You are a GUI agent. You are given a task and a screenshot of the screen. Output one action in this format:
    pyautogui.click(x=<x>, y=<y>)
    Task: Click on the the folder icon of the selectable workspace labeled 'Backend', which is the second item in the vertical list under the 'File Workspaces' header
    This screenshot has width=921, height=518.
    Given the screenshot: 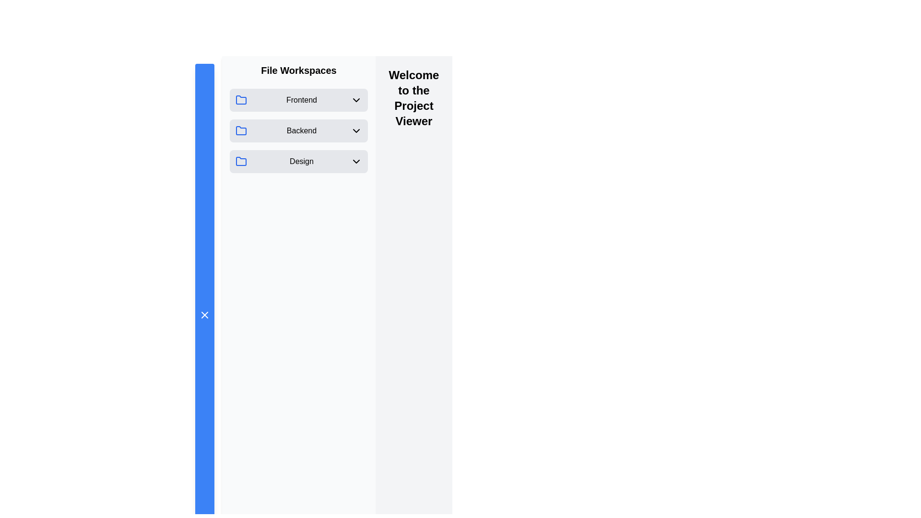 What is the action you would take?
    pyautogui.click(x=298, y=131)
    